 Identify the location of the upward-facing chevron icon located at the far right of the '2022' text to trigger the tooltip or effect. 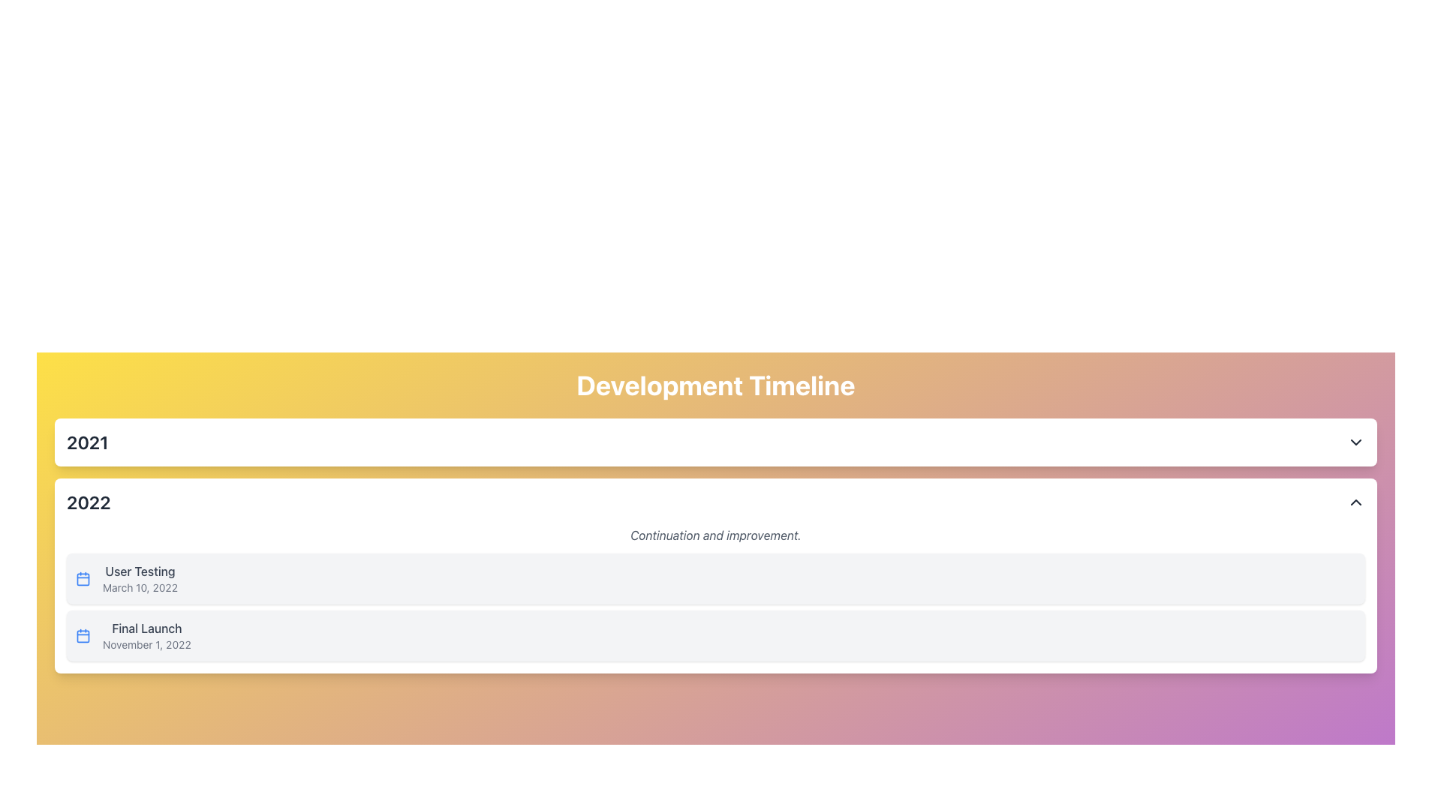
(1355, 502).